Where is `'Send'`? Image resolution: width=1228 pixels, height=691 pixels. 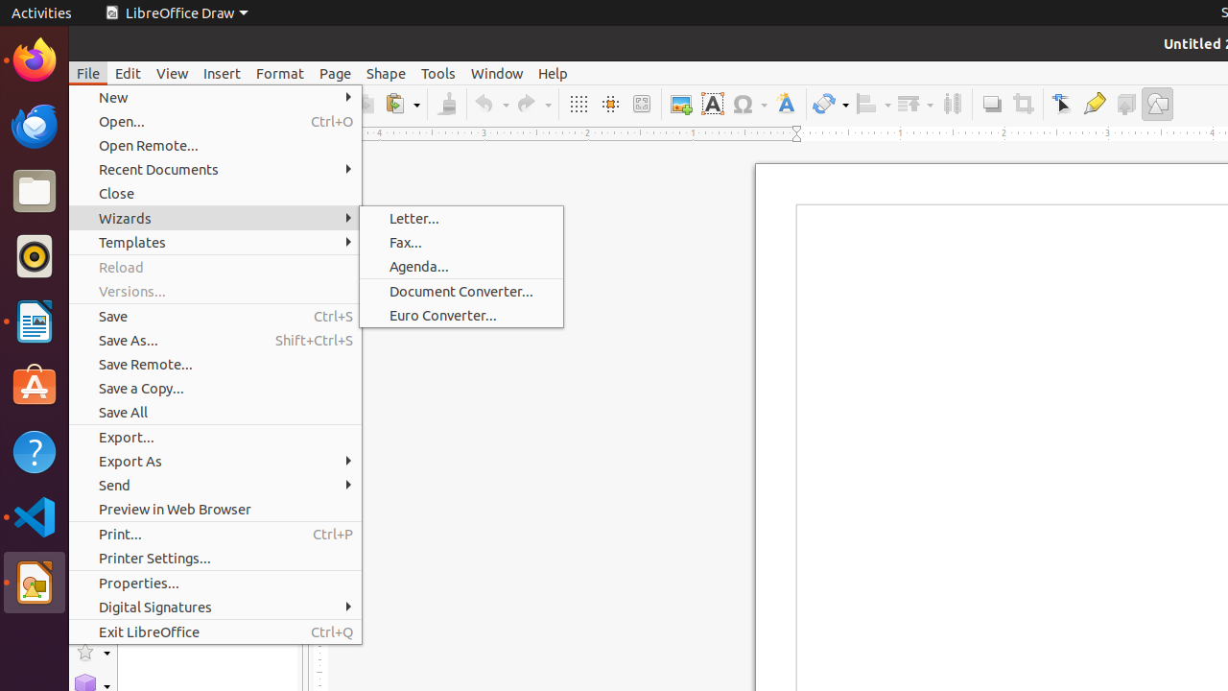 'Send' is located at coordinates (215, 484).